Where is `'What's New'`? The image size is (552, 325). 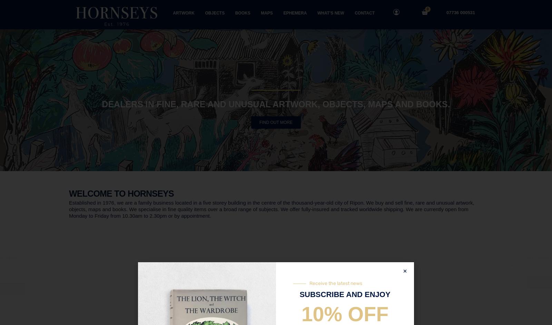
'What's New' is located at coordinates (116, 257).